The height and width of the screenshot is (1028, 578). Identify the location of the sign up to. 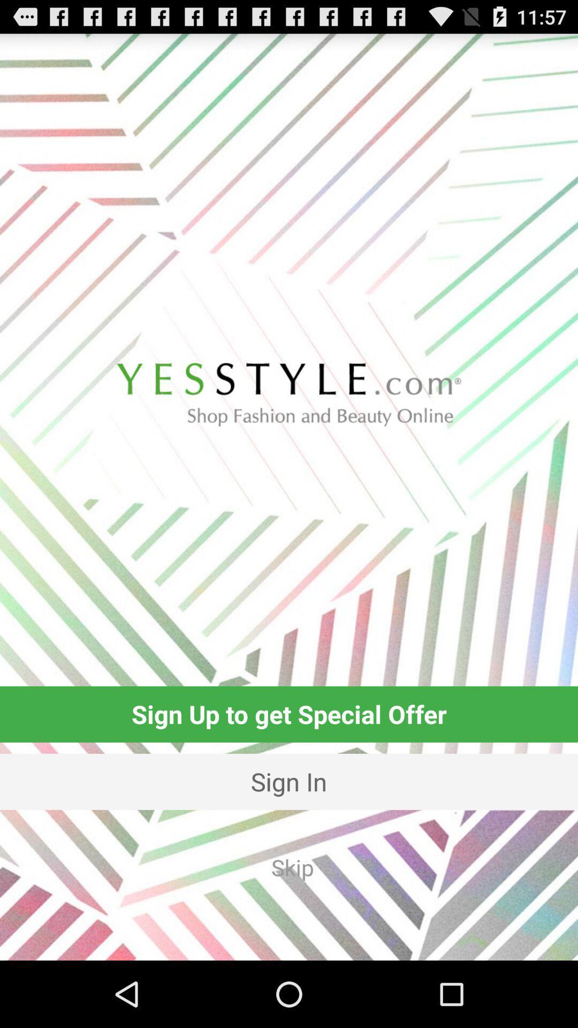
(289, 714).